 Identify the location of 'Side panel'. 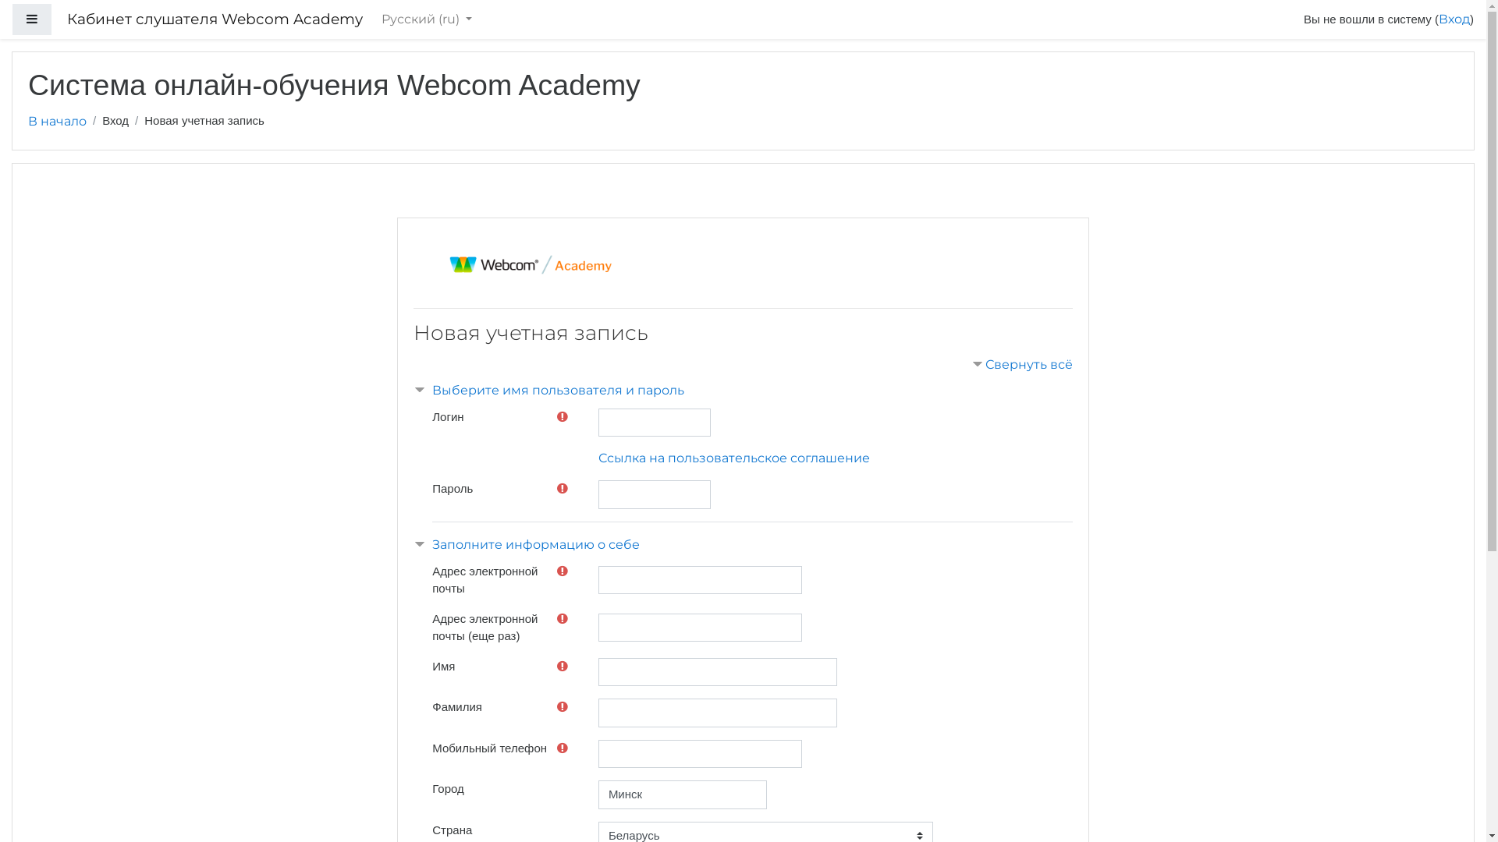
(32, 19).